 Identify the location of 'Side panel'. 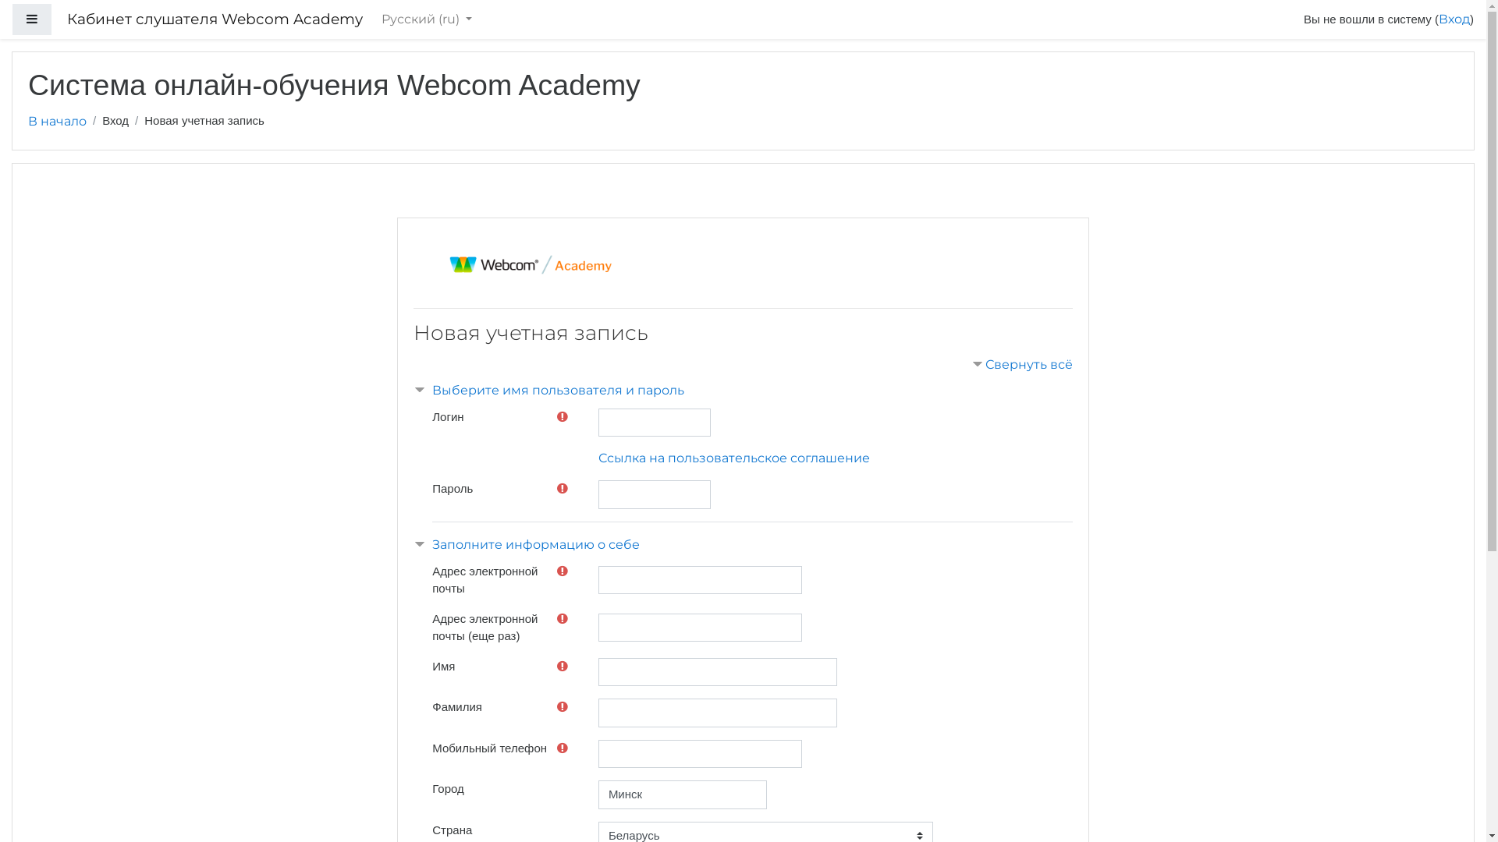
(32, 19).